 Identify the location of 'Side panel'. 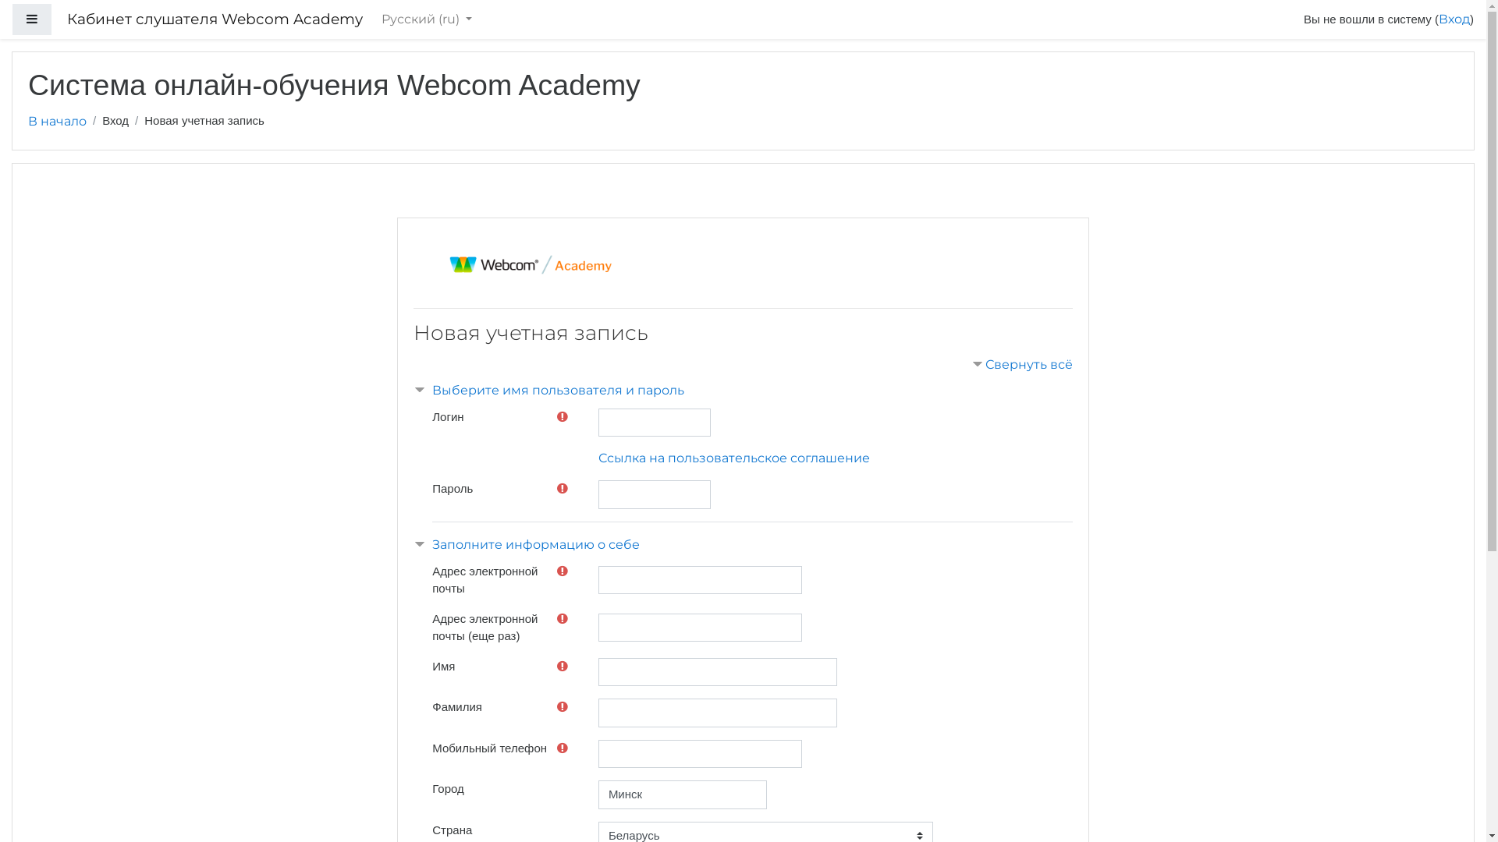
(32, 19).